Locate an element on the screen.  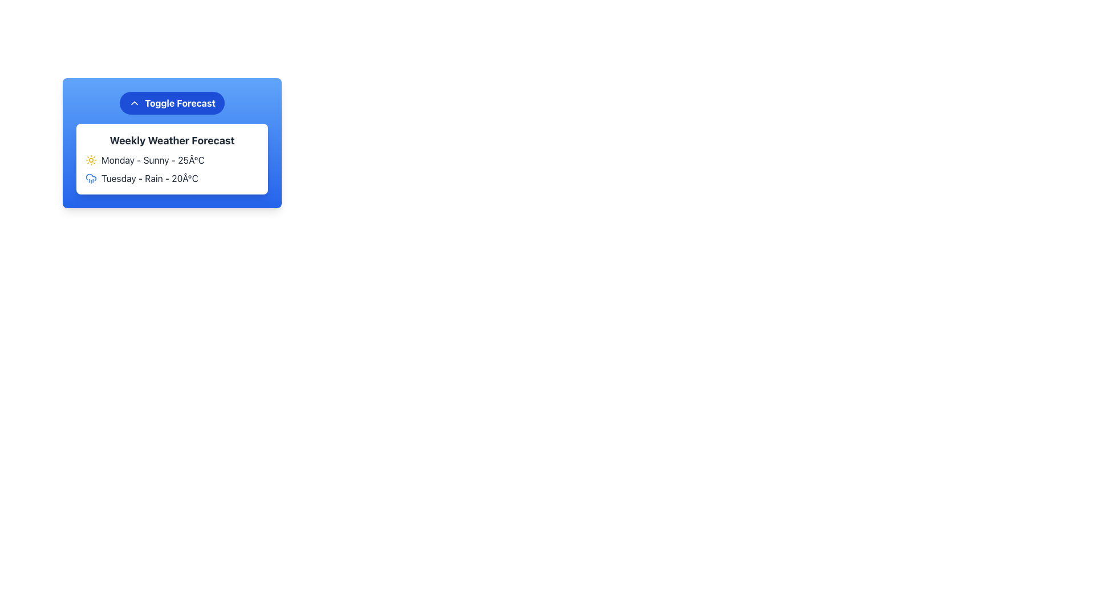
the 'Toggle Forecast' button, which has a blue background, white bold text, and is located in the upper section of the weather forecast card is located at coordinates (172, 103).